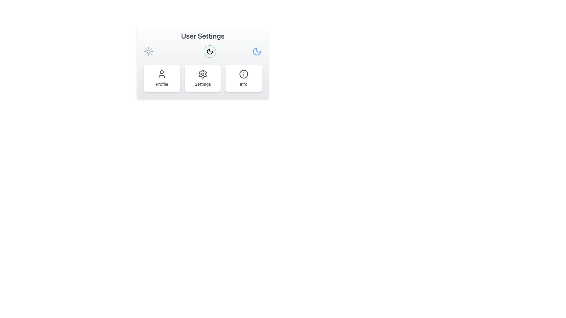 The height and width of the screenshot is (318, 566). Describe the element at coordinates (243, 78) in the screenshot. I see `the 'Info' button located at the bottom-right corner of the three-item grid` at that location.